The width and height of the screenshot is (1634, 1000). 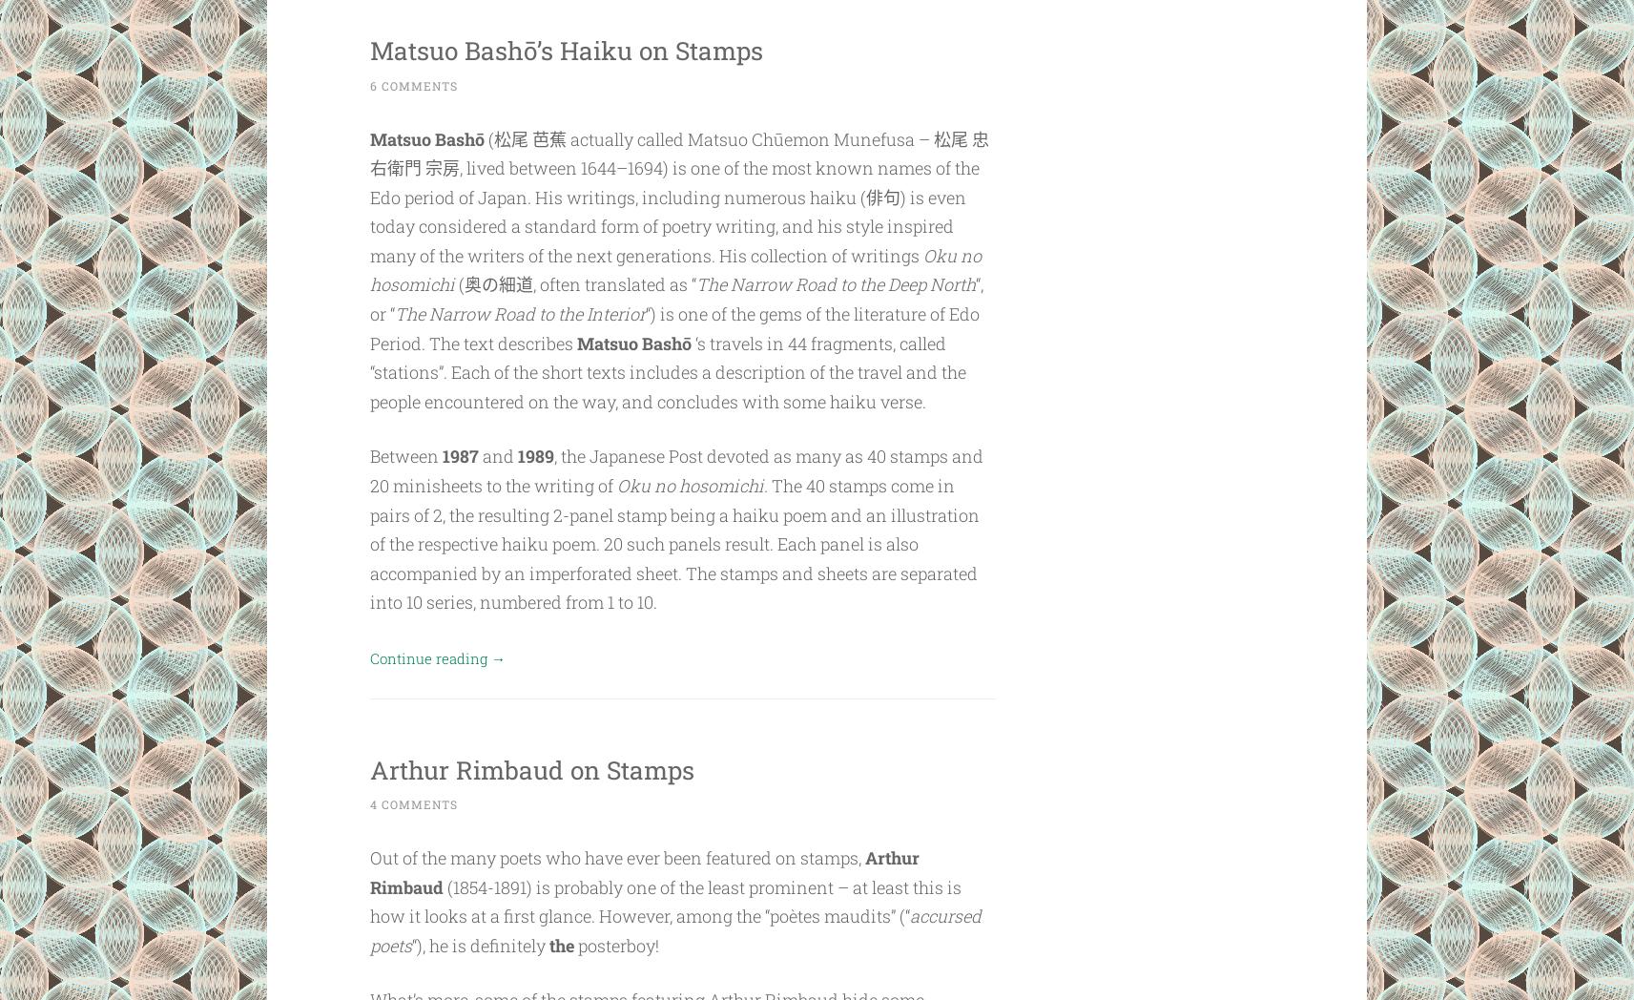 I want to click on 'and', so click(x=498, y=454).